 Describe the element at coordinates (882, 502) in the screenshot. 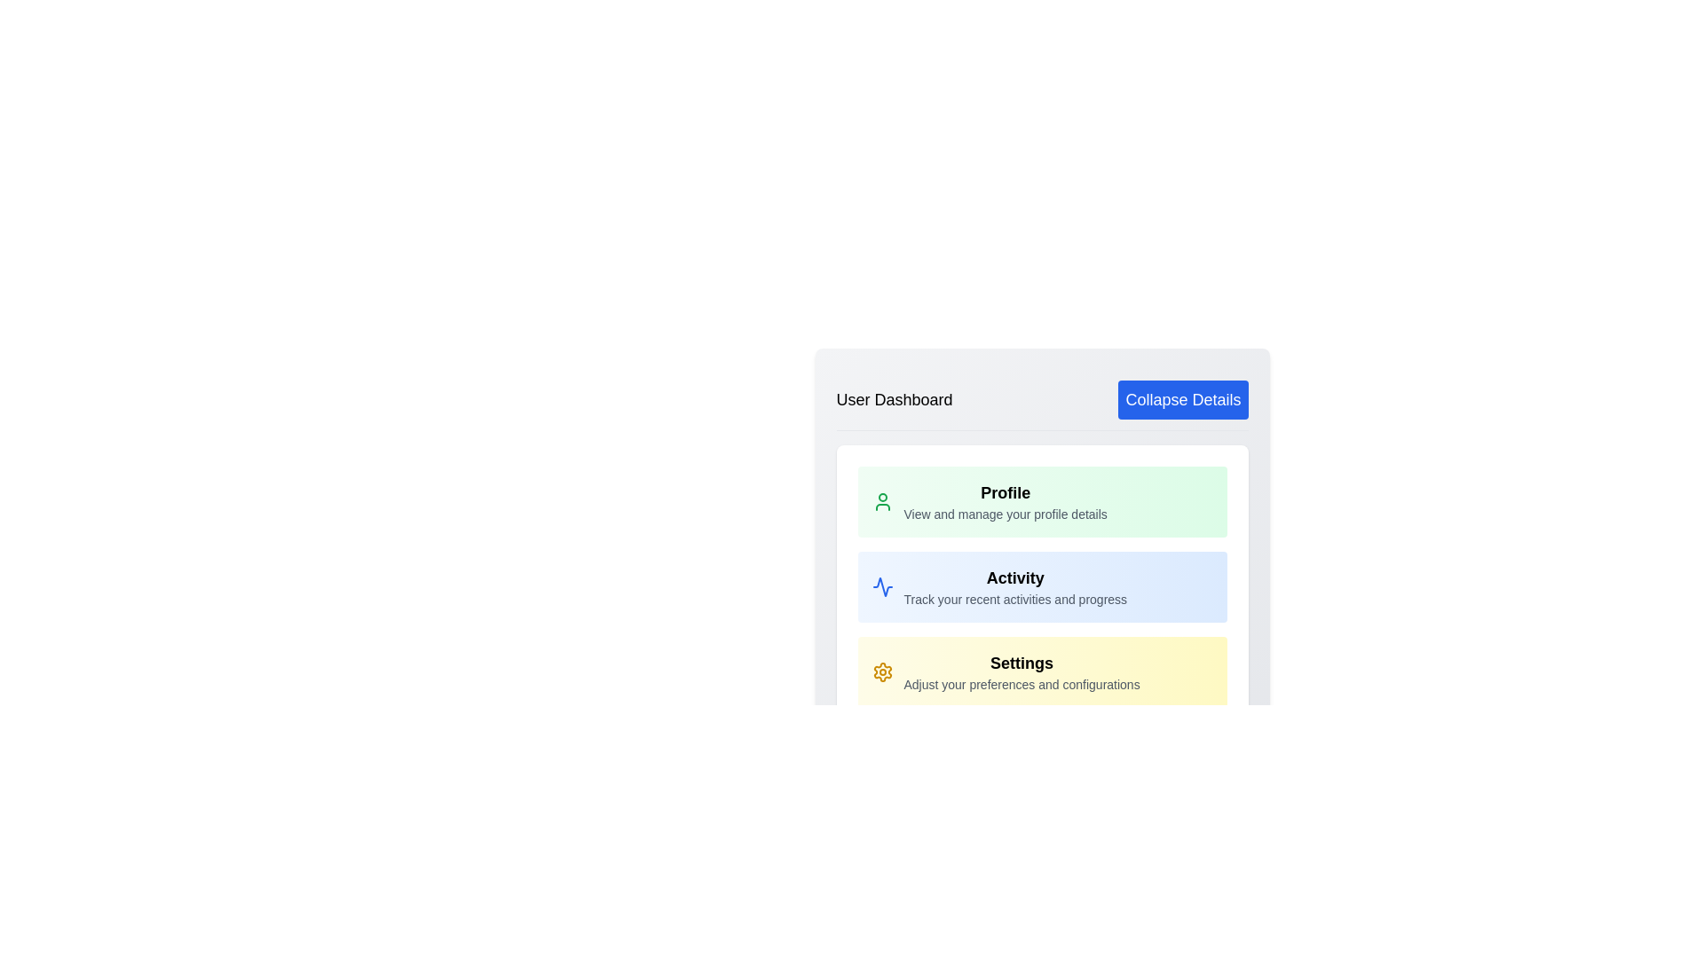

I see `the profile icon located at the top-left corner of the 'Profile' card, which is the first item above 'Activity' and 'Settings' cards` at that location.